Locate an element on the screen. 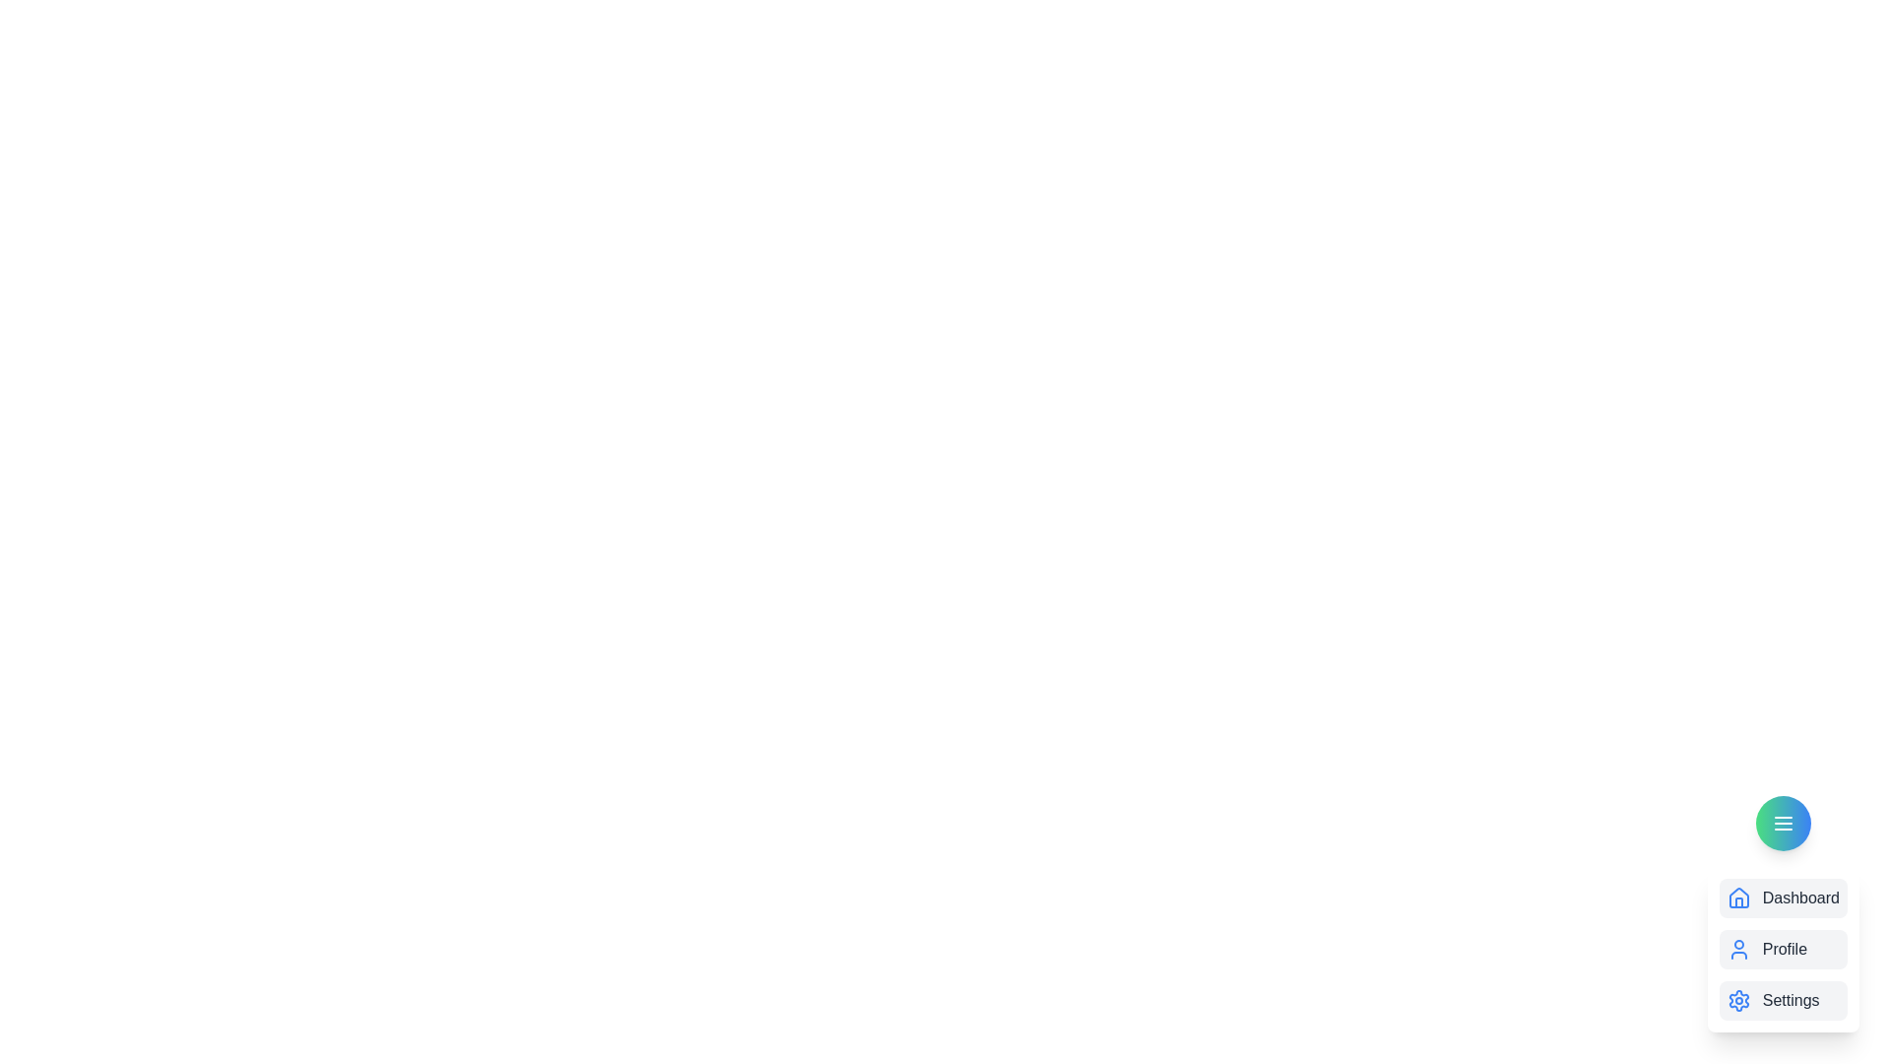 This screenshot has height=1064, width=1891. the Profile from the menu options is located at coordinates (1783, 949).